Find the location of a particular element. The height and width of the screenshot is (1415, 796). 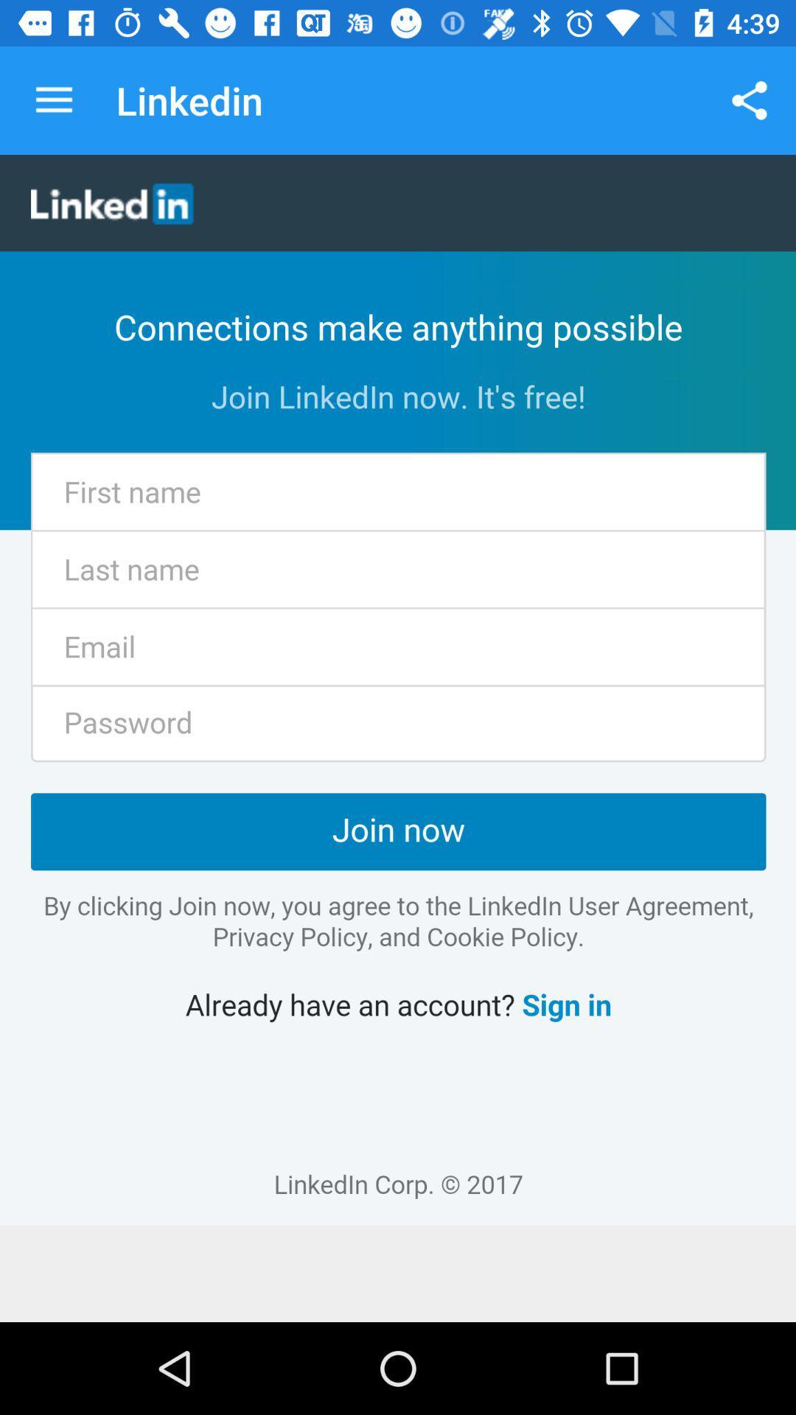

linkedin details page icon is located at coordinates (398, 689).